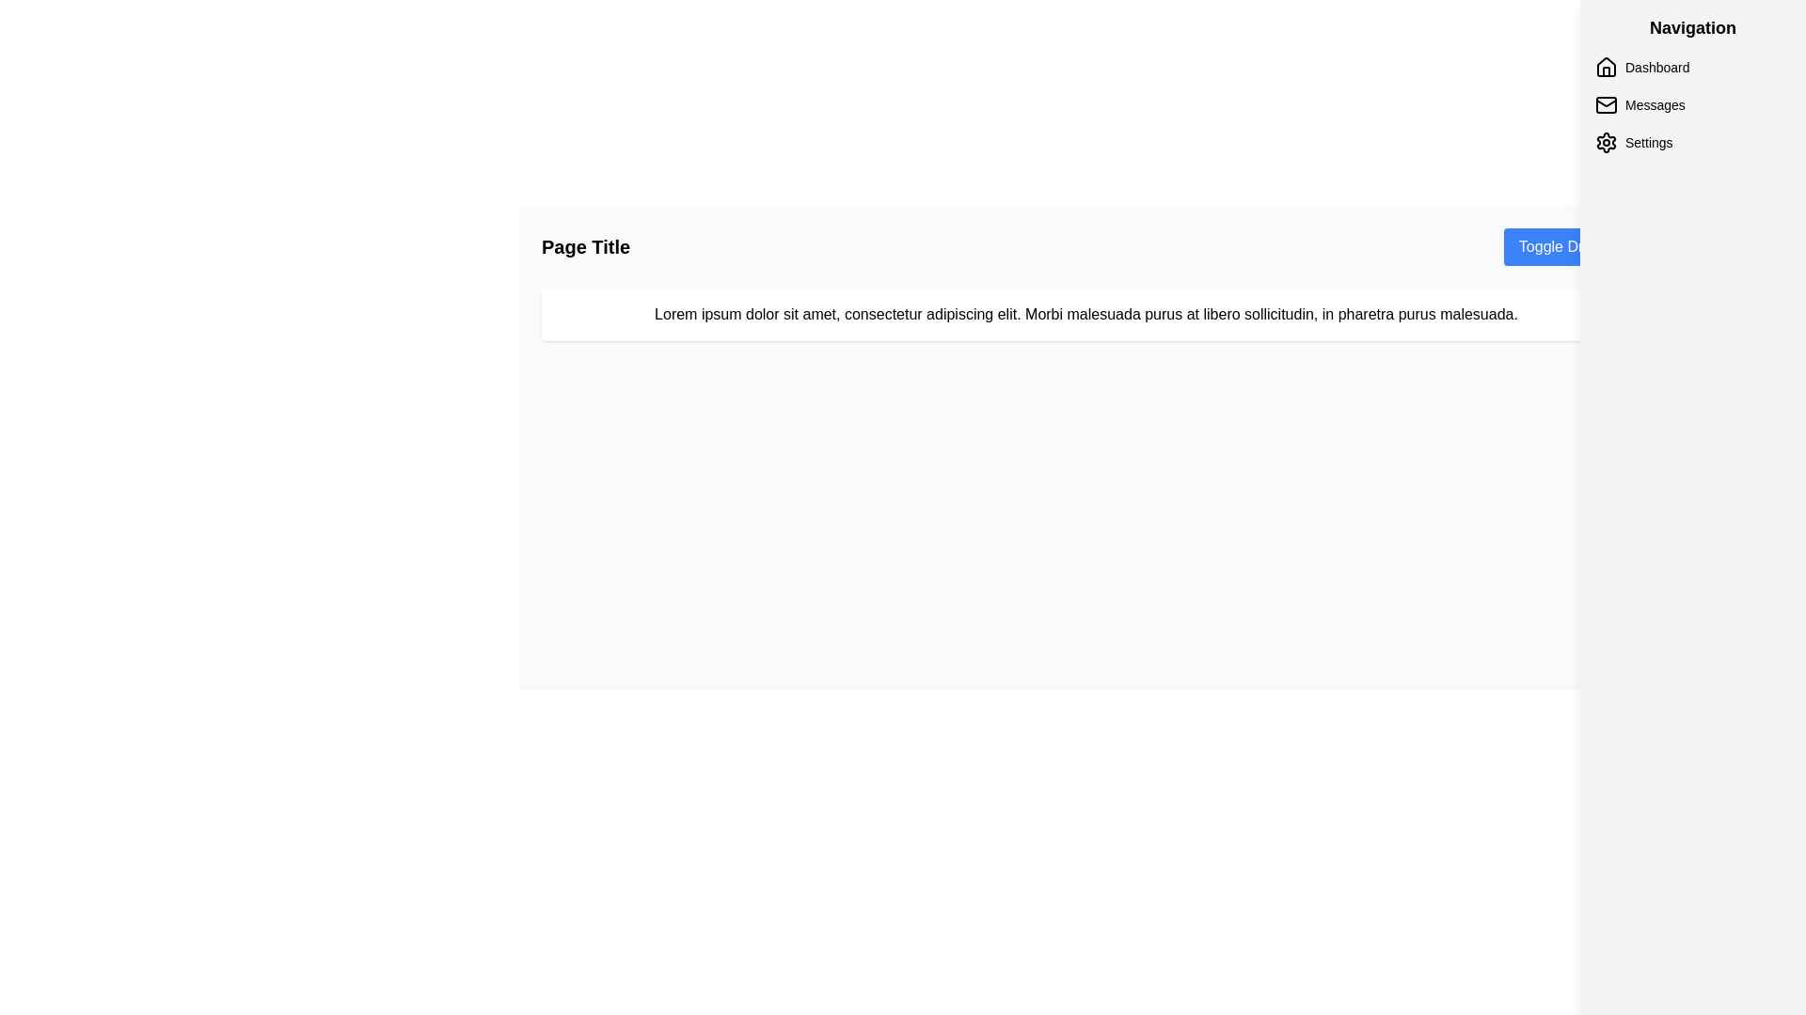 The height and width of the screenshot is (1015, 1806). I want to click on the 'Settings' icon in the navigation sidebar, which is located to the left of the 'Settings' text label, so click(1606, 141).